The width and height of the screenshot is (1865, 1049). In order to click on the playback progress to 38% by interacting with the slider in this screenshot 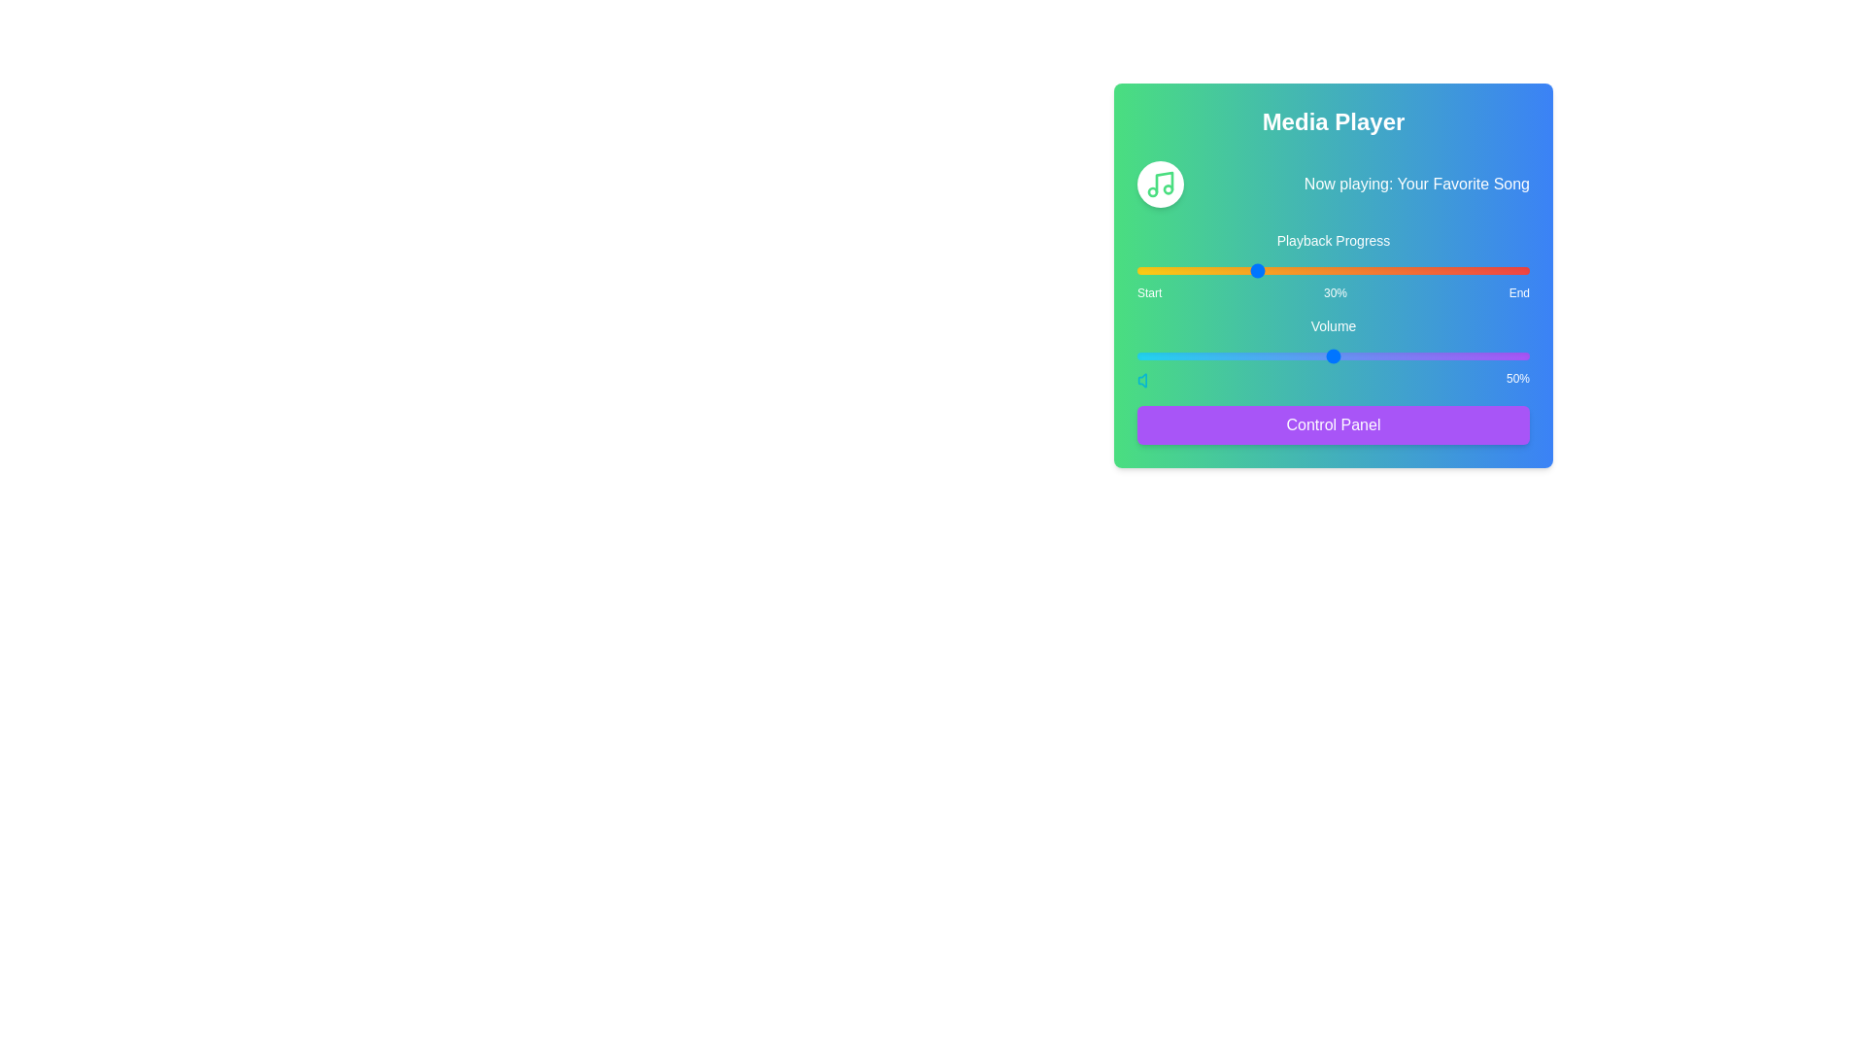, I will do `click(1286, 270)`.